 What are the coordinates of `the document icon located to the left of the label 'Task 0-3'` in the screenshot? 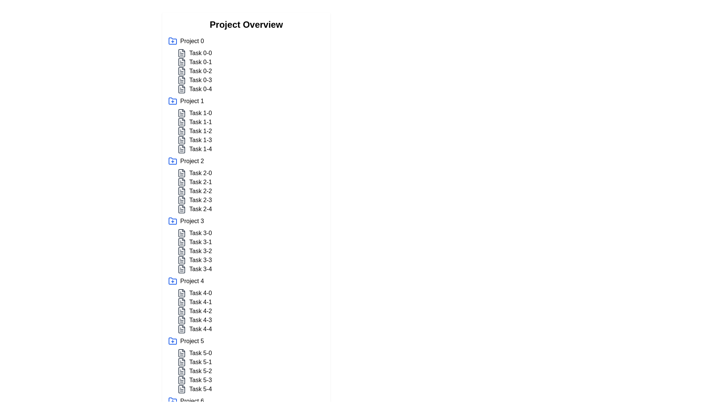 It's located at (182, 80).